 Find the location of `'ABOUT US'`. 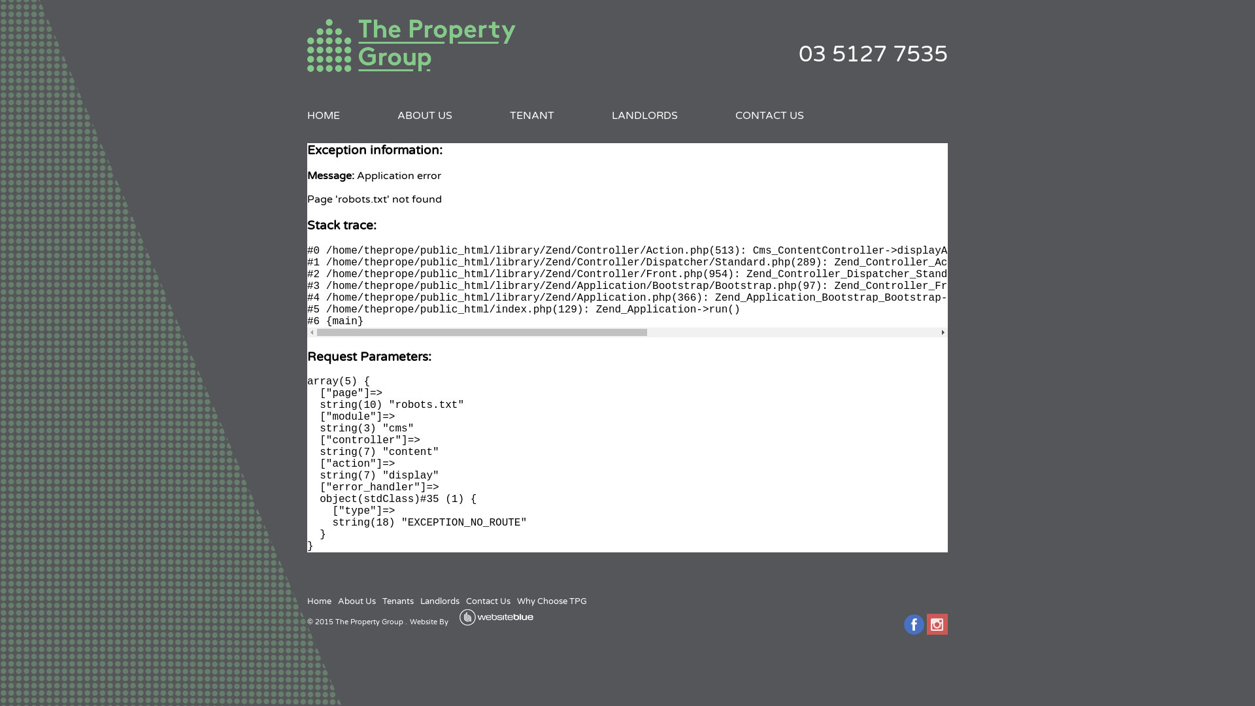

'ABOUT US' is located at coordinates (424, 115).